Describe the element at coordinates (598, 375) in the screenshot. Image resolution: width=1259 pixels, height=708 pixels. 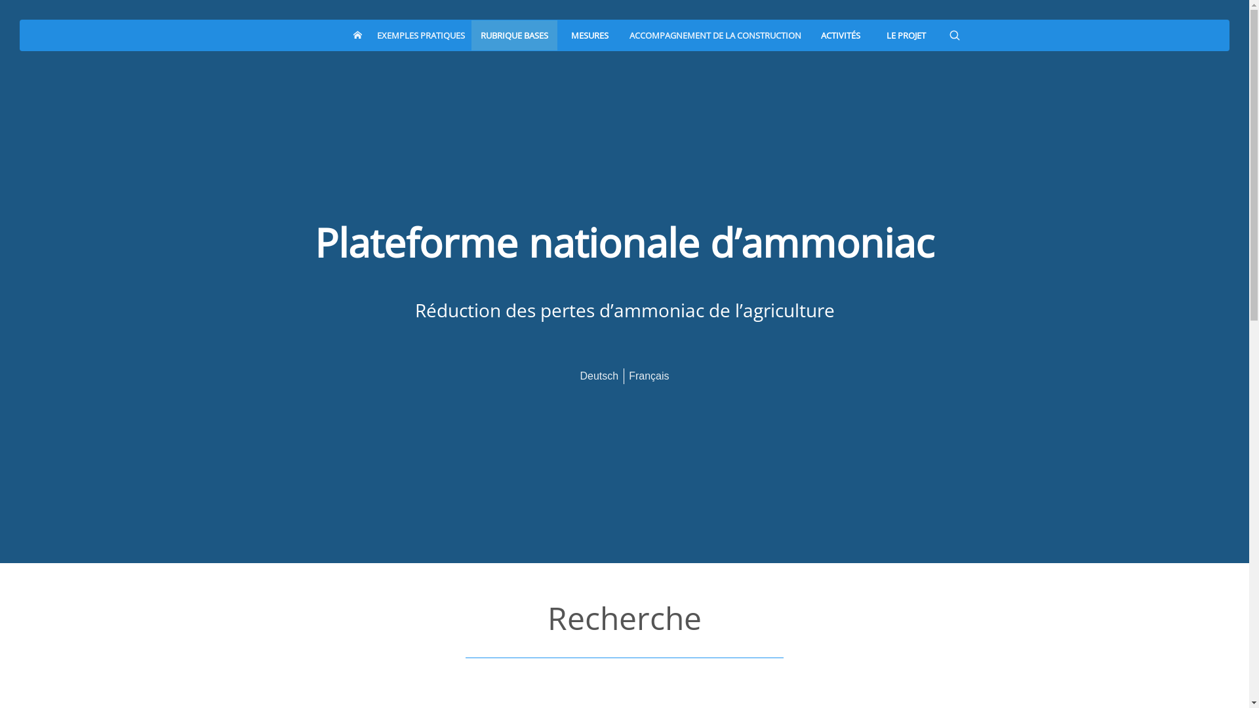
I see `'Deutsch'` at that location.